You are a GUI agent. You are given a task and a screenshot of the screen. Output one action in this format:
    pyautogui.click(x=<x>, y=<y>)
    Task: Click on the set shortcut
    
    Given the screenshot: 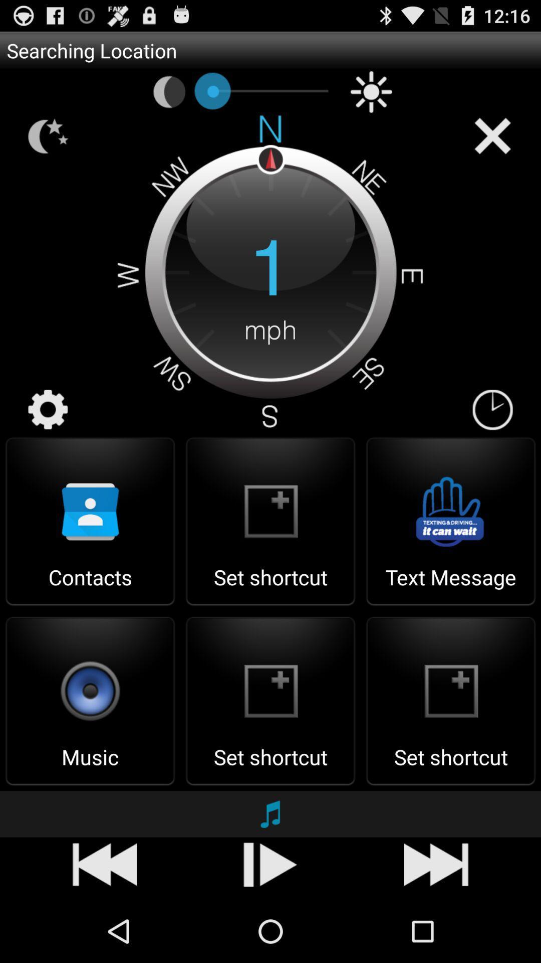 What is the action you would take?
    pyautogui.click(x=270, y=766)
    